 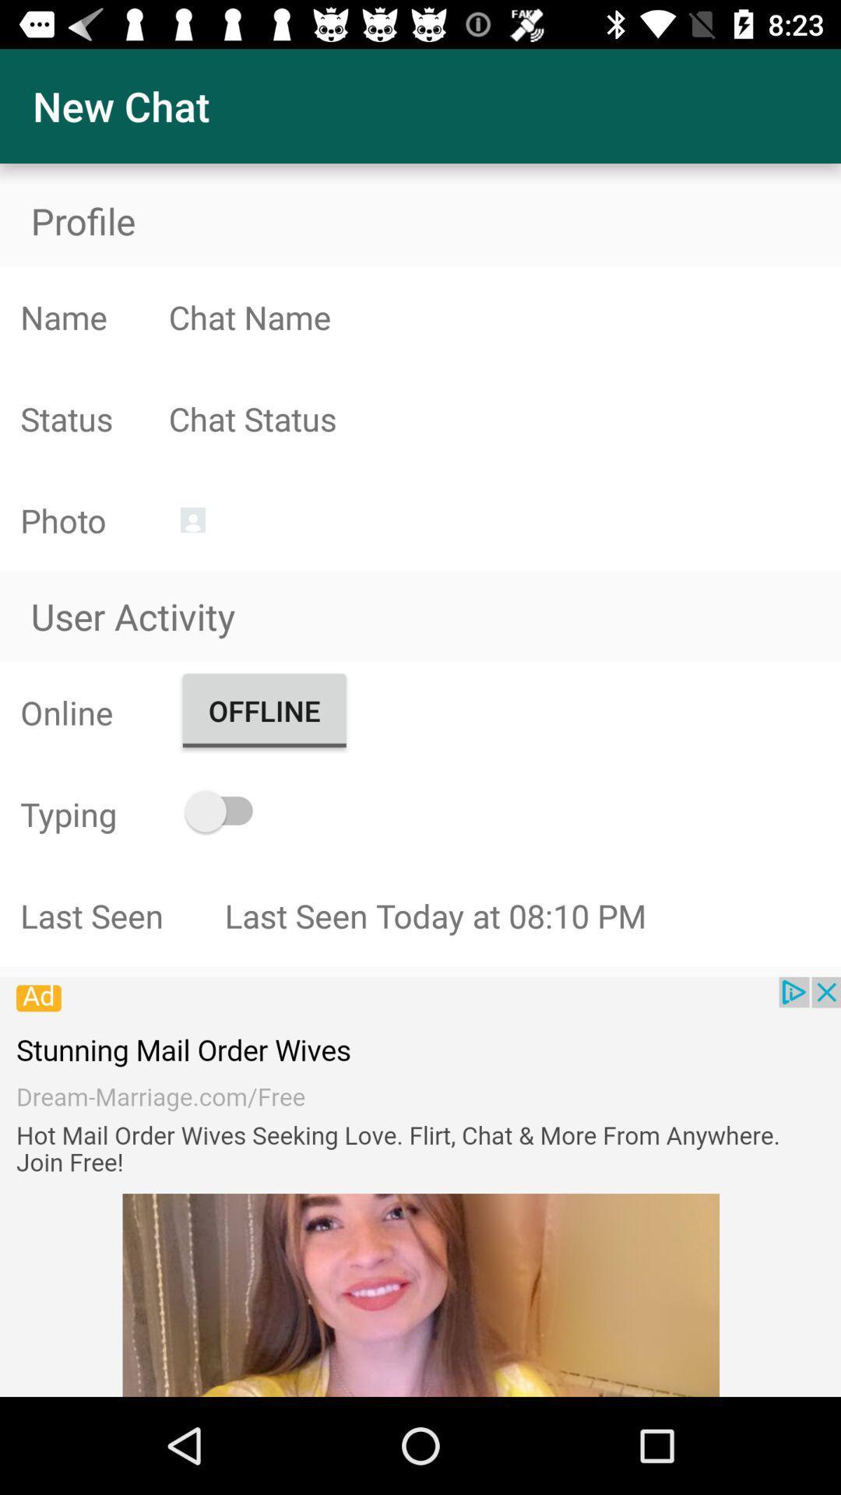 I want to click on set profile photo, so click(x=192, y=519).